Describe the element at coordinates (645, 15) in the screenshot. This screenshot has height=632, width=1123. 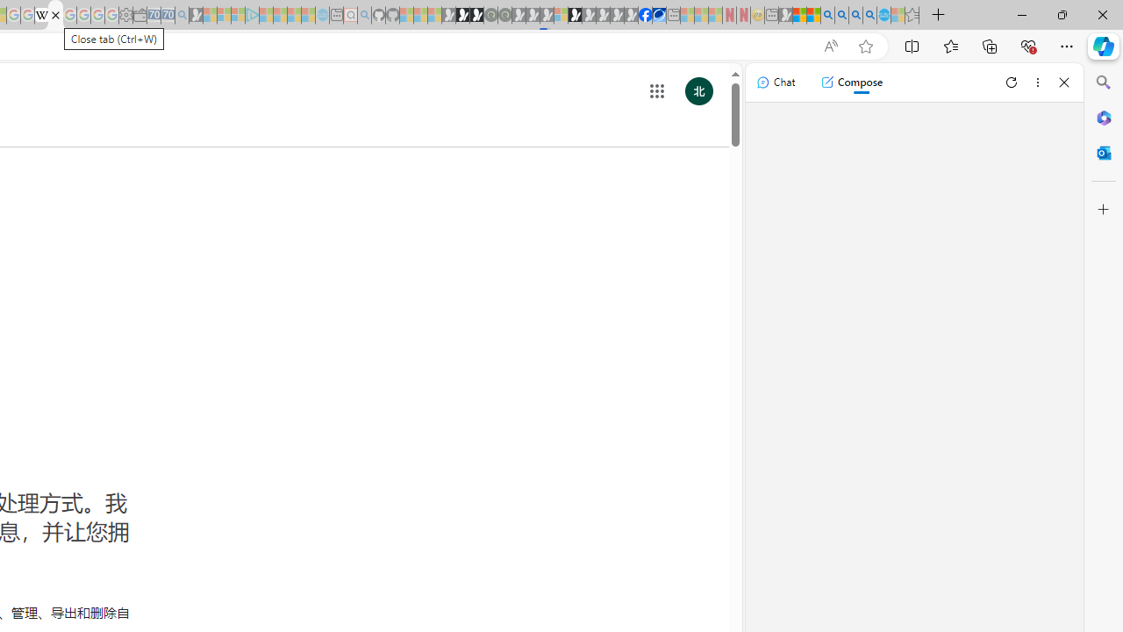
I see `'Nordace | Facebook'` at that location.